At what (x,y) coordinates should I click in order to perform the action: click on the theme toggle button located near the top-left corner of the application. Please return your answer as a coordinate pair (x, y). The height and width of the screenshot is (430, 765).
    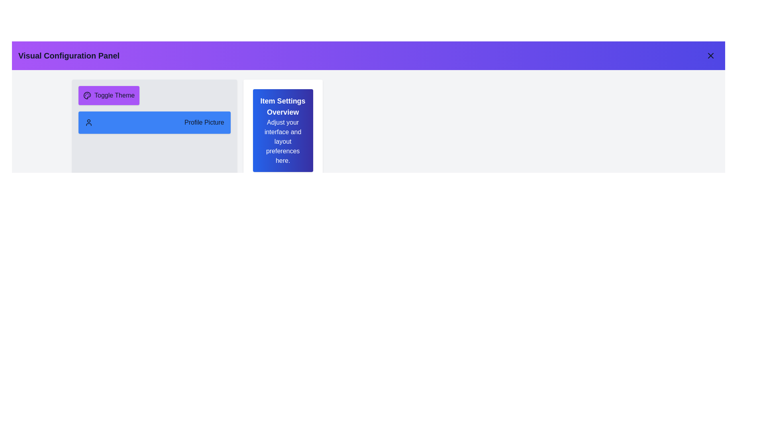
    Looking at the image, I should click on (108, 95).